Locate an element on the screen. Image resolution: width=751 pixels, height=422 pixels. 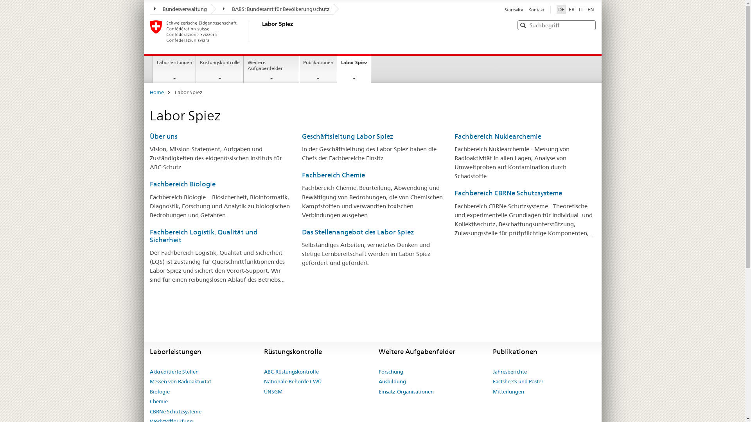
'Weitere Aufgabenfelder' is located at coordinates (271, 69).